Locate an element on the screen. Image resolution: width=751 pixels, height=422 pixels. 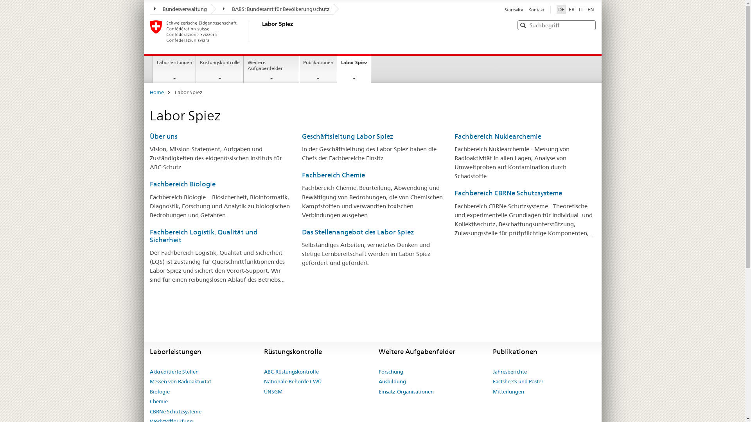
'Weitere Aufgabenfelder' is located at coordinates (271, 69).